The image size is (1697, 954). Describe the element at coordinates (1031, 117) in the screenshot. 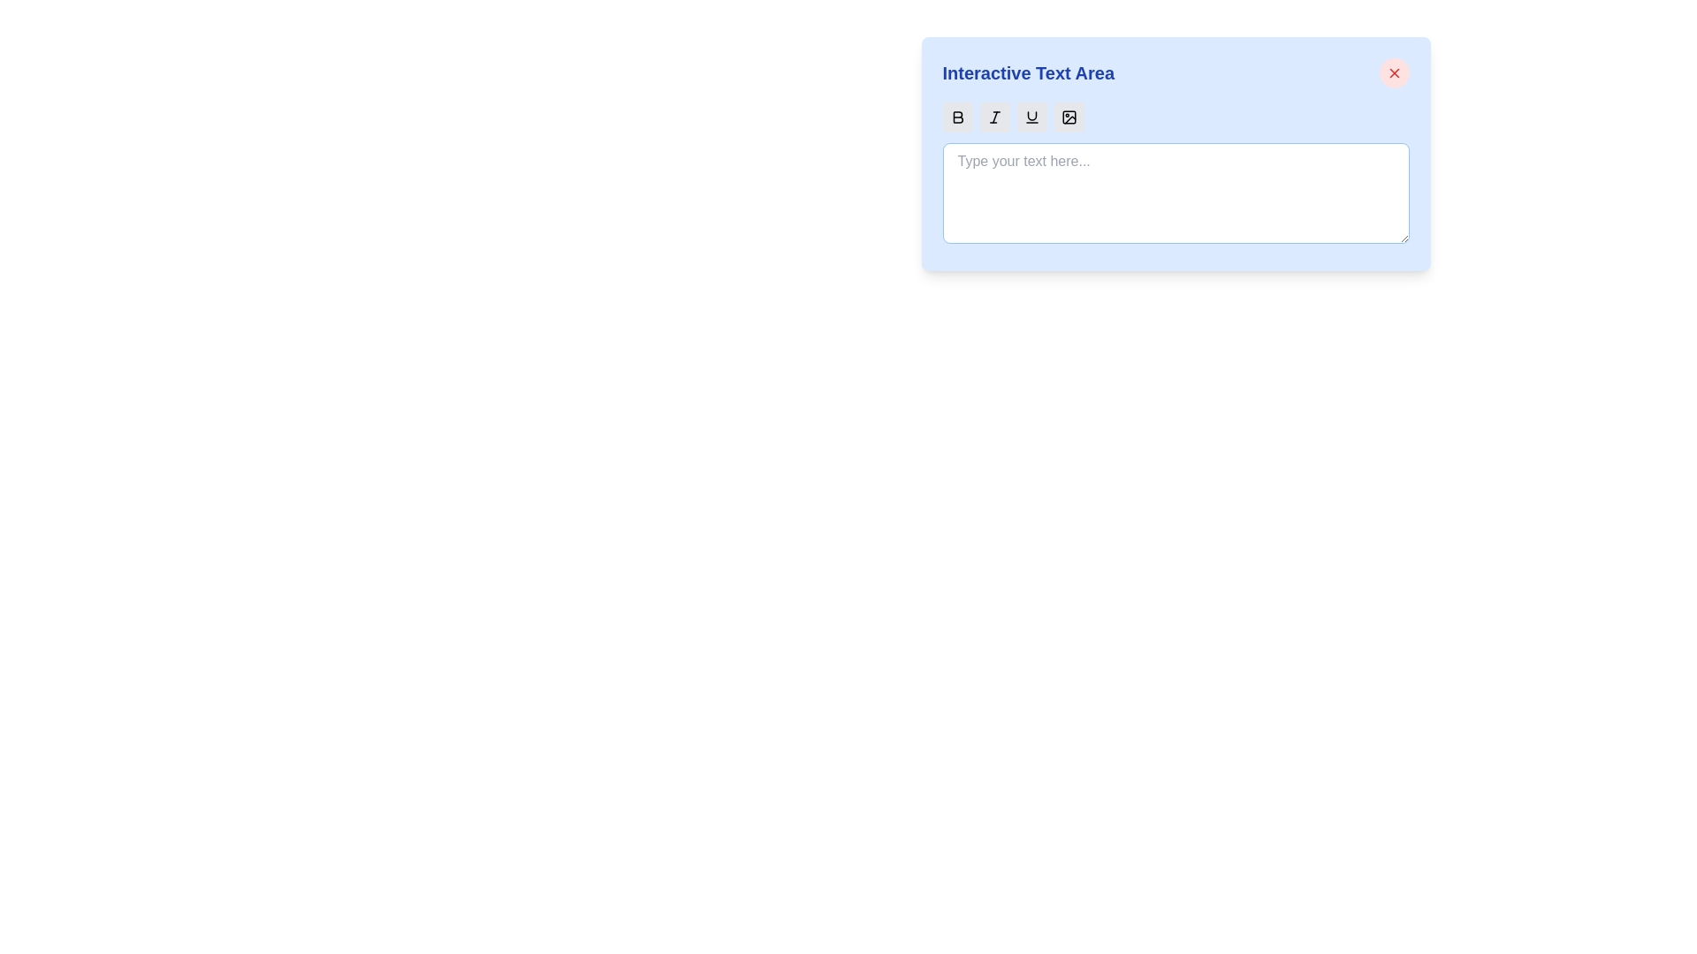

I see `the underline button with a gray background and rounded corners in the third slot of the horizontal toolbar in the 'Interactive Text Area' to apply underline formatting` at that location.